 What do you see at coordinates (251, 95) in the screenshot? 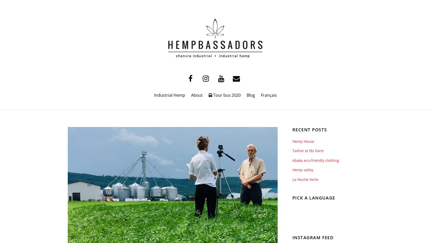
I see `'Blog'` at bounding box center [251, 95].